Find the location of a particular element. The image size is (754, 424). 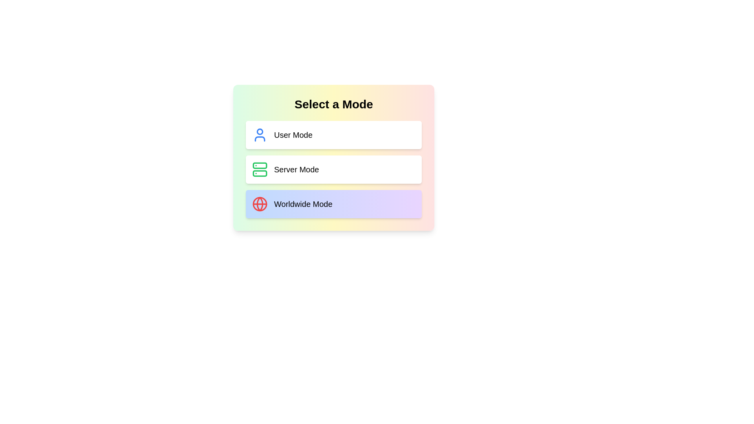

the 'Server Mode' button, which is the second button in a group of three vertically stacked buttons, positioned in the center of a gradient background panel is located at coordinates (333, 157).